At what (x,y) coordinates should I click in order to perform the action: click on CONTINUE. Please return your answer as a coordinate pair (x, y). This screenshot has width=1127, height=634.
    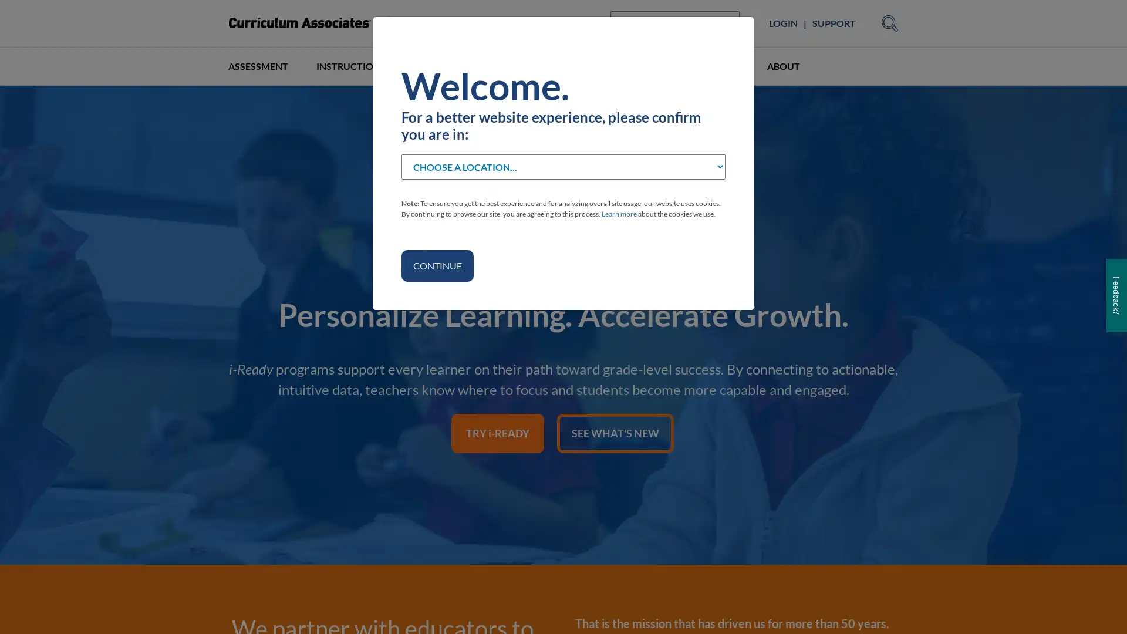
    Looking at the image, I should click on (437, 265).